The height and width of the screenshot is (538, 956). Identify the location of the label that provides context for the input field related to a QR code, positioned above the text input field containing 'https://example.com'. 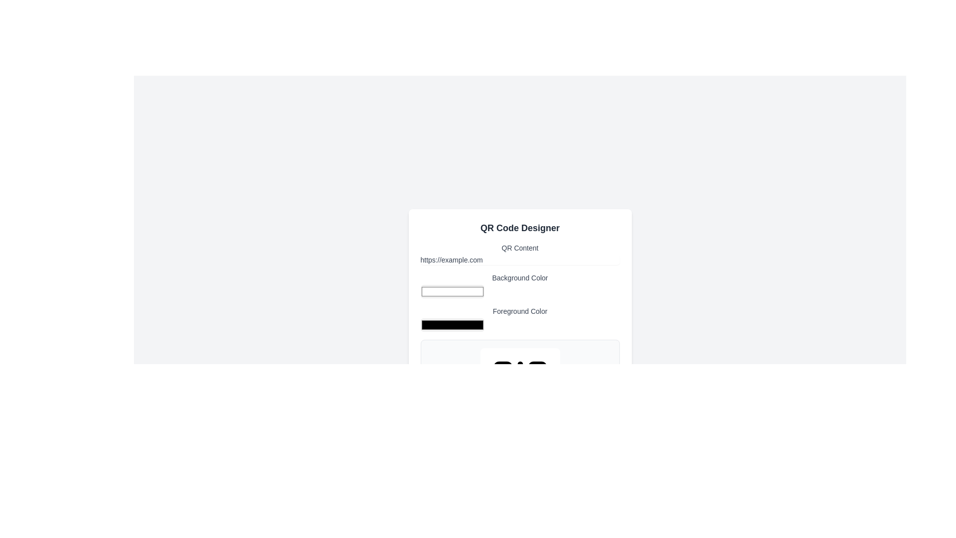
(519, 253).